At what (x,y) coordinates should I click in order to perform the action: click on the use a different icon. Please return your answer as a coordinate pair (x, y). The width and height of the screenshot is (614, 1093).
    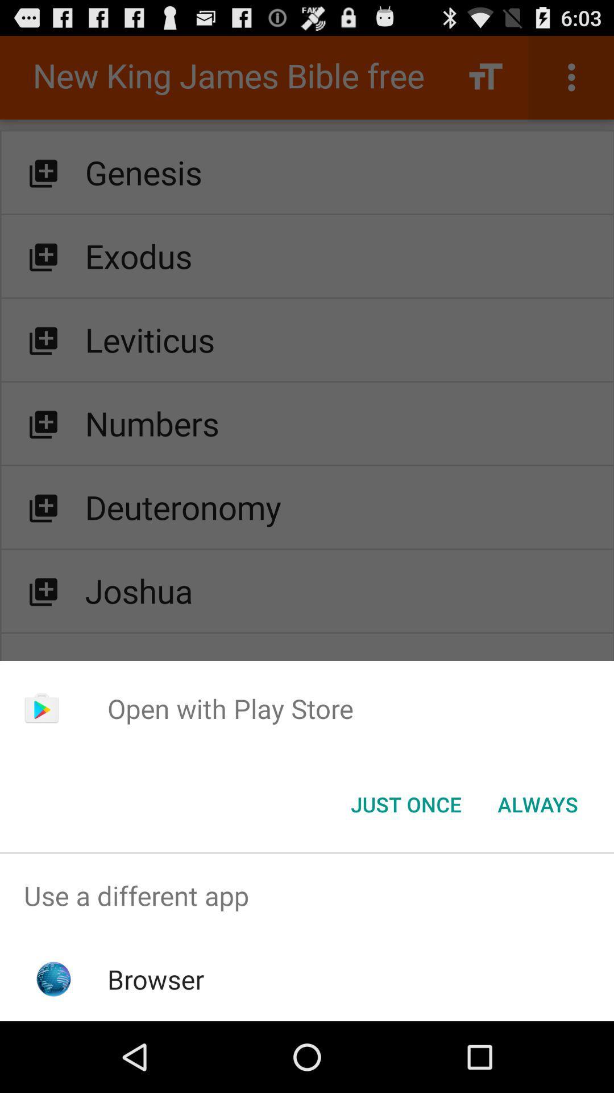
    Looking at the image, I should click on (307, 895).